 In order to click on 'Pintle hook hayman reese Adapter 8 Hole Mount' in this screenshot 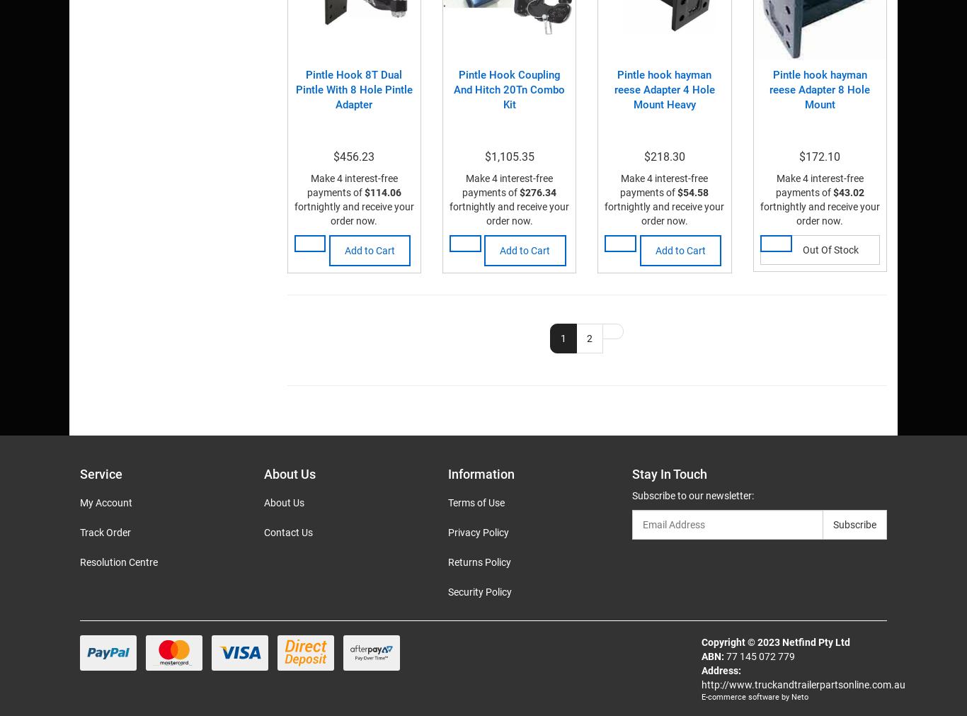, I will do `click(819, 89)`.